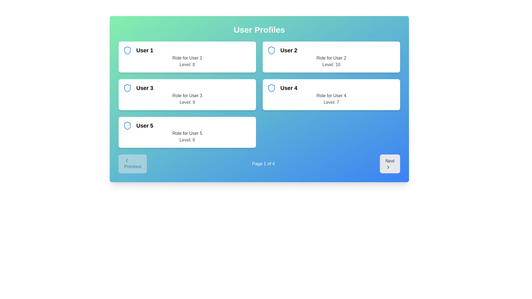 The width and height of the screenshot is (532, 299). I want to click on the shield-shaped icon with a blue outline located next to the text label 'User 5' in the user profile card, so click(127, 126).